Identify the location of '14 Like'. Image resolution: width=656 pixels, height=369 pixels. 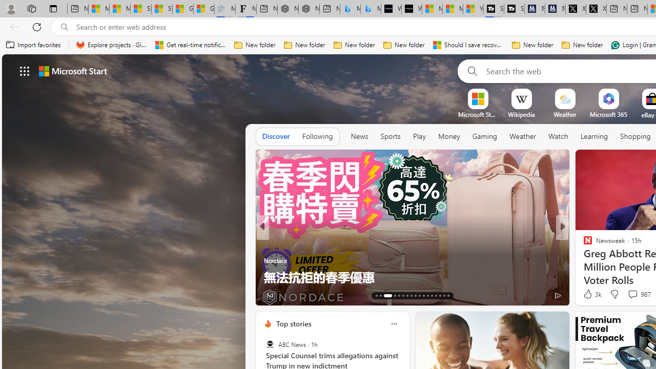
(589, 295).